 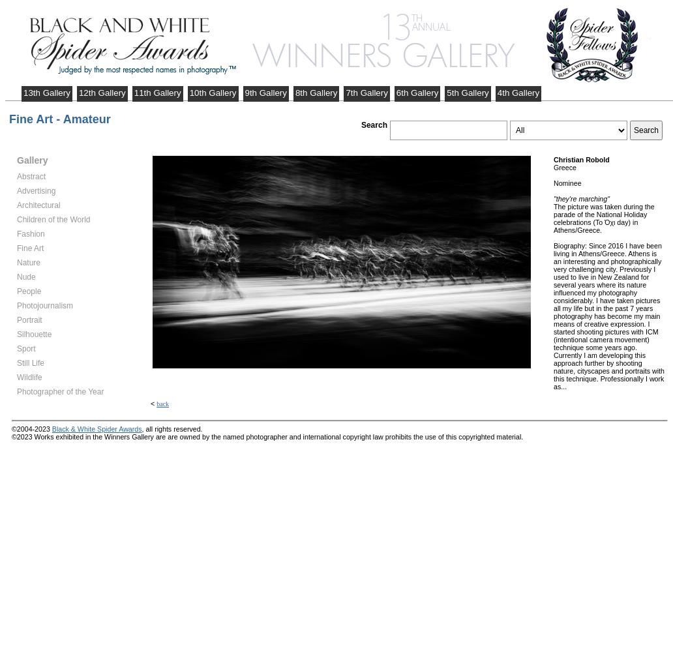 I want to click on 'The picture was taken during the parade of the National Holiday celebrations (Το Όχι day) in Athens/Greece.', so click(x=603, y=218).